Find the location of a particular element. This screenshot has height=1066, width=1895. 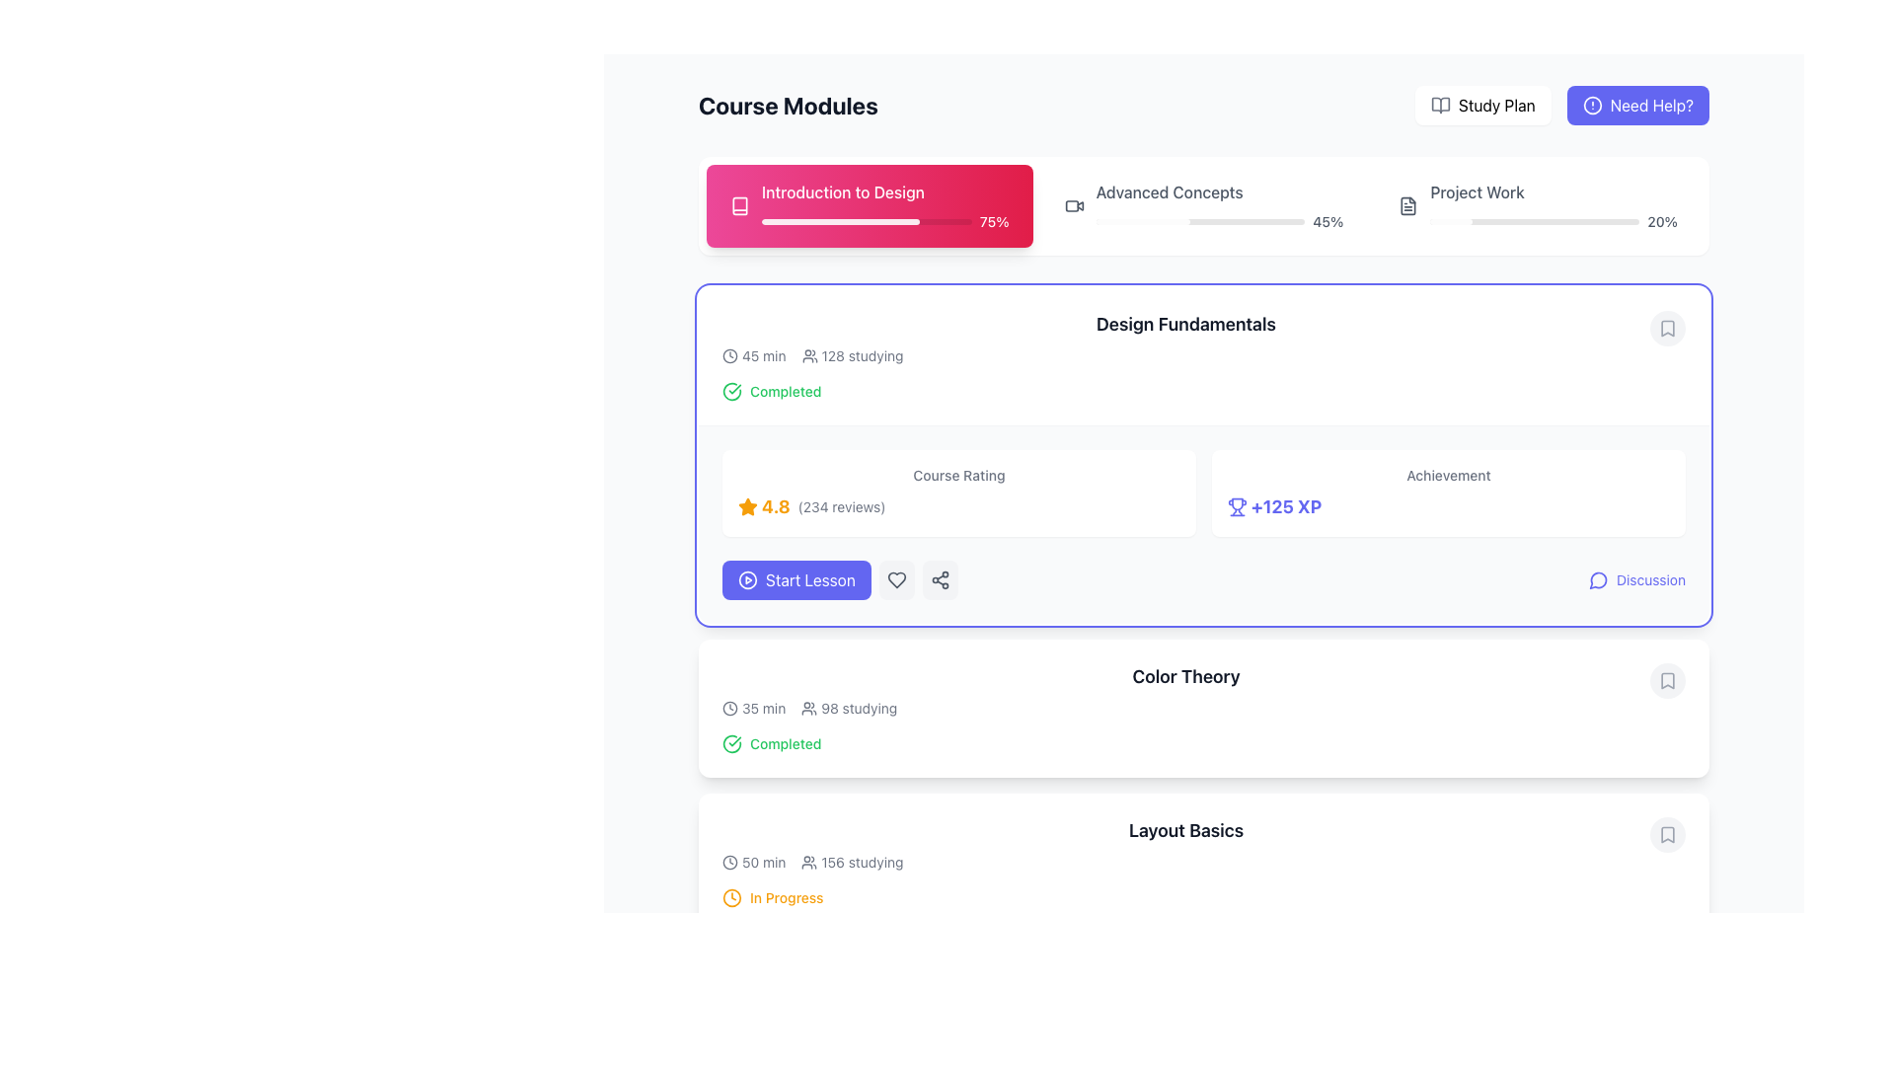

the visual progress indication on the progress bar segment, which is a horizontally oriented bar with a light gray background and a filled white portion covering approximately 20% of the total width, located at the top part of the view is located at coordinates (1451, 221).